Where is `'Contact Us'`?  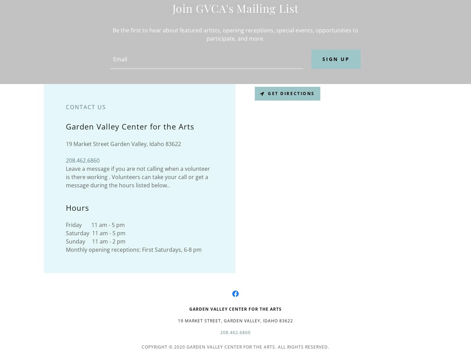 'Contact Us' is located at coordinates (65, 106).